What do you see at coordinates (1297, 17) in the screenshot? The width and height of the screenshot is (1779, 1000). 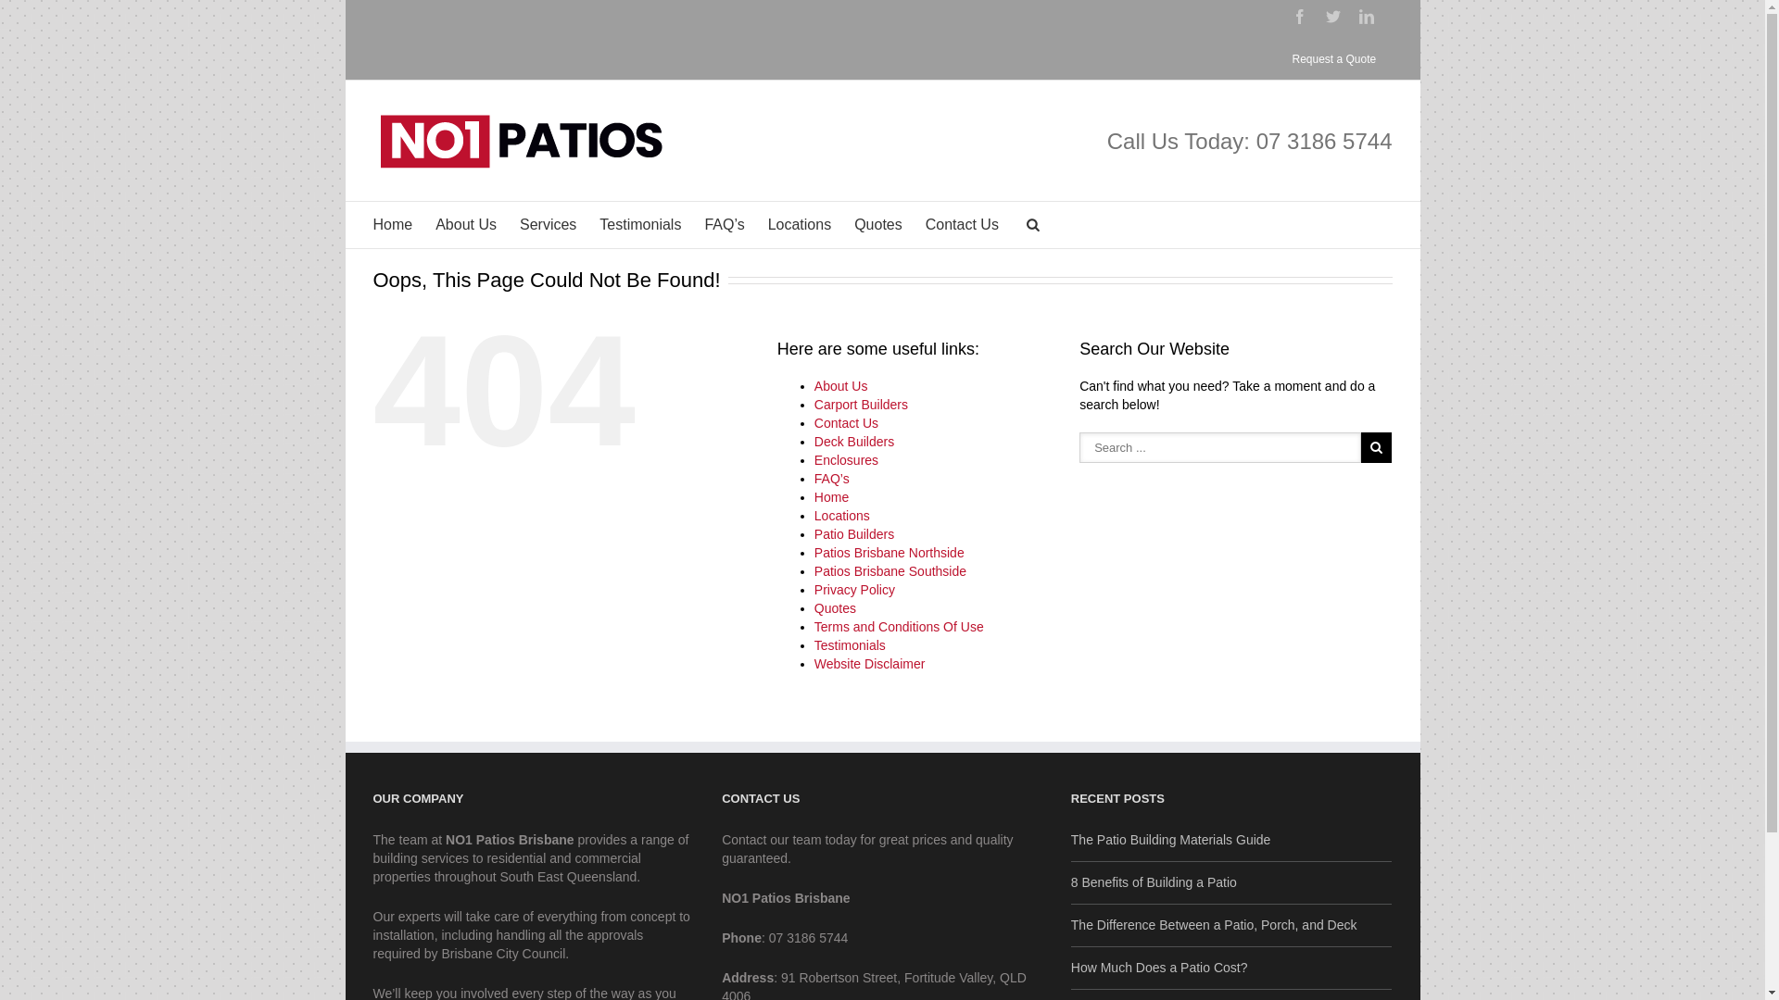 I see `'Facebook'` at bounding box center [1297, 17].